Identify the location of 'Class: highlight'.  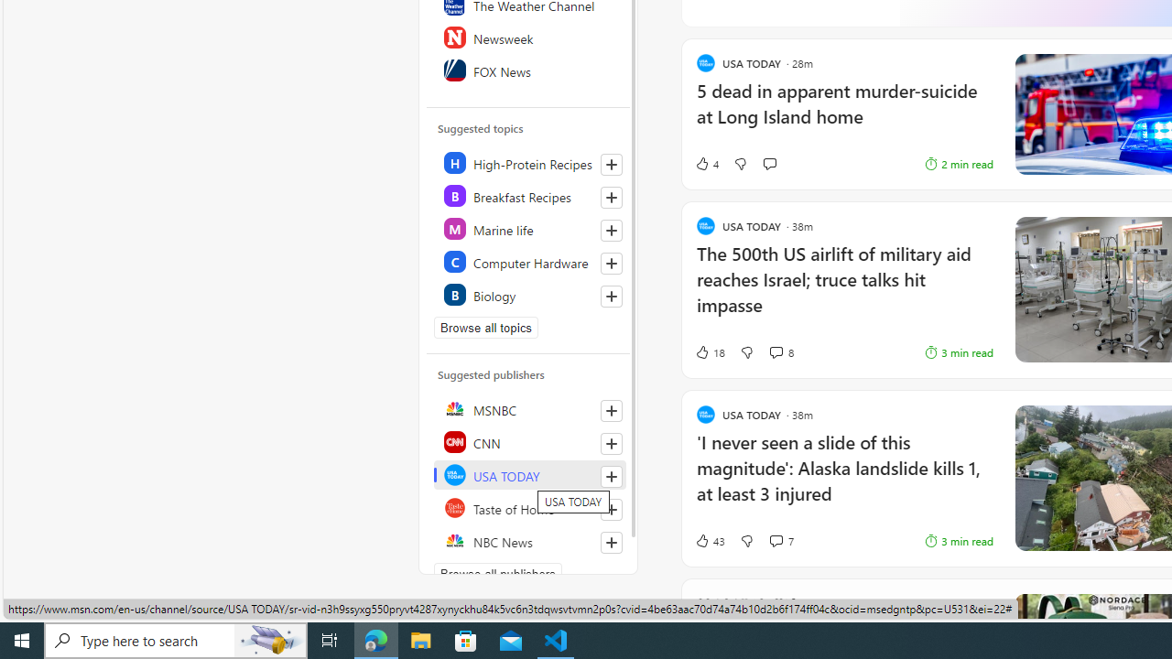
(528, 293).